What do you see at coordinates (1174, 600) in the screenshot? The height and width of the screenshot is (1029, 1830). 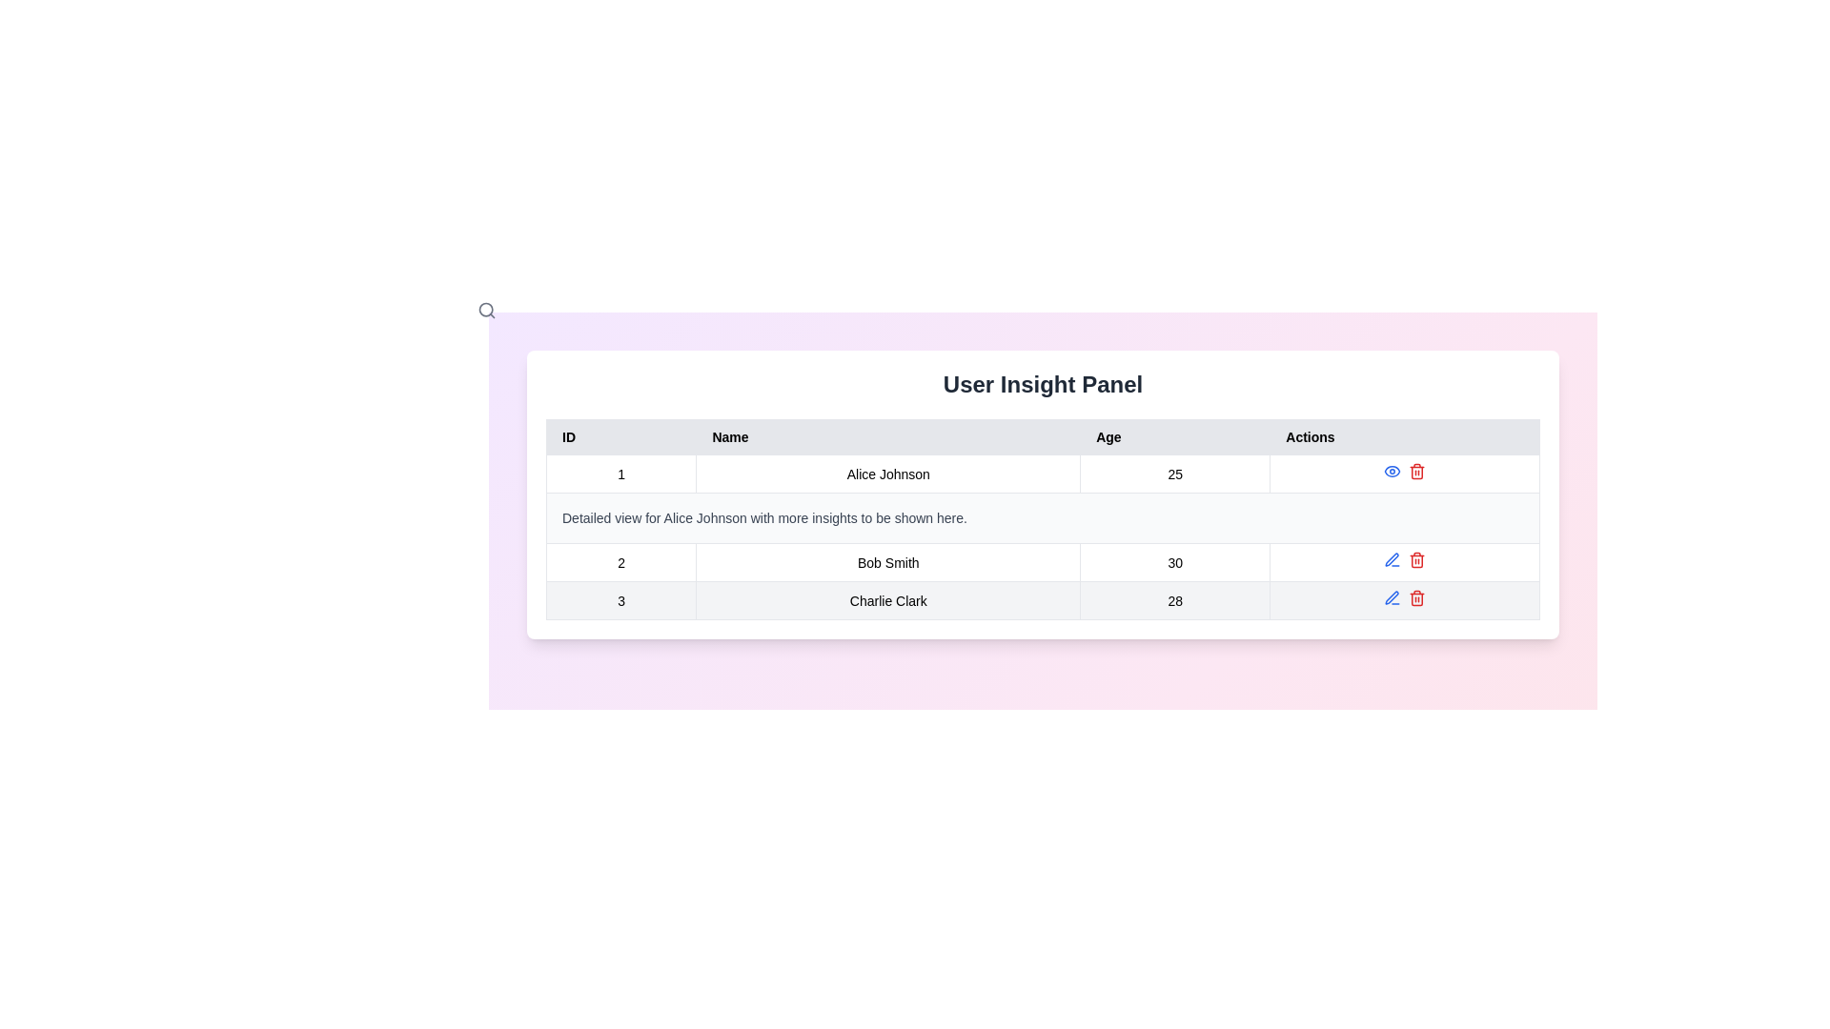 I see `the text label representing the age of 'Charlie Clark' located in the third cell under the 'Age' column of the data table` at bounding box center [1174, 600].